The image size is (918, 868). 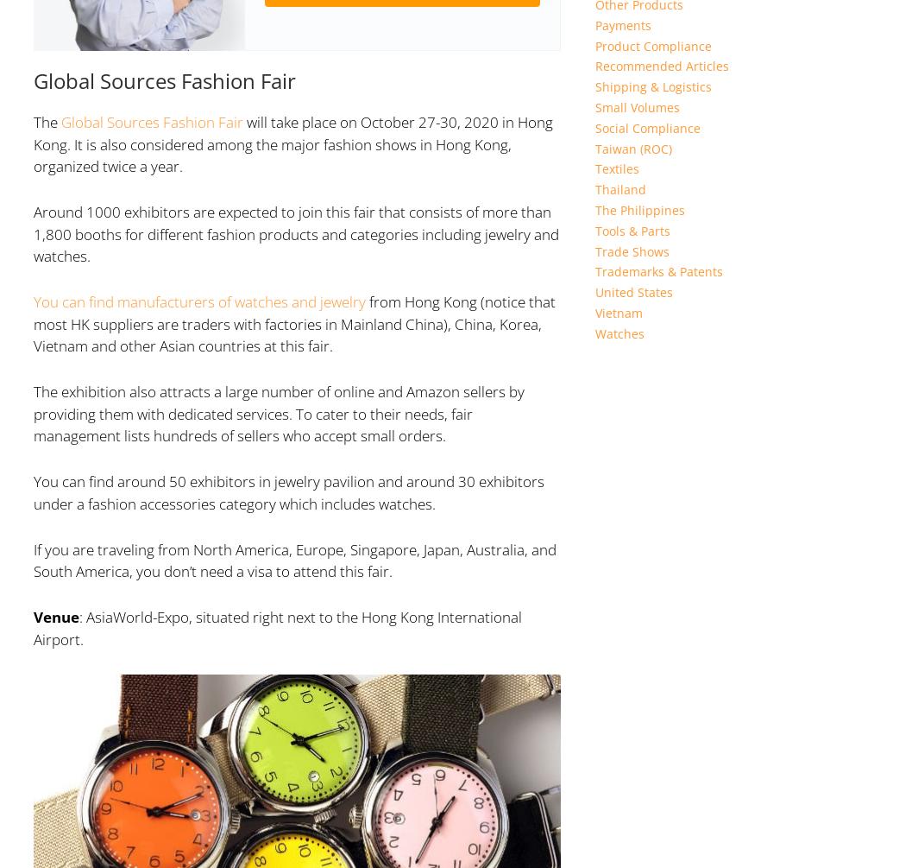 I want to click on 'Venue', so click(x=55, y=617).